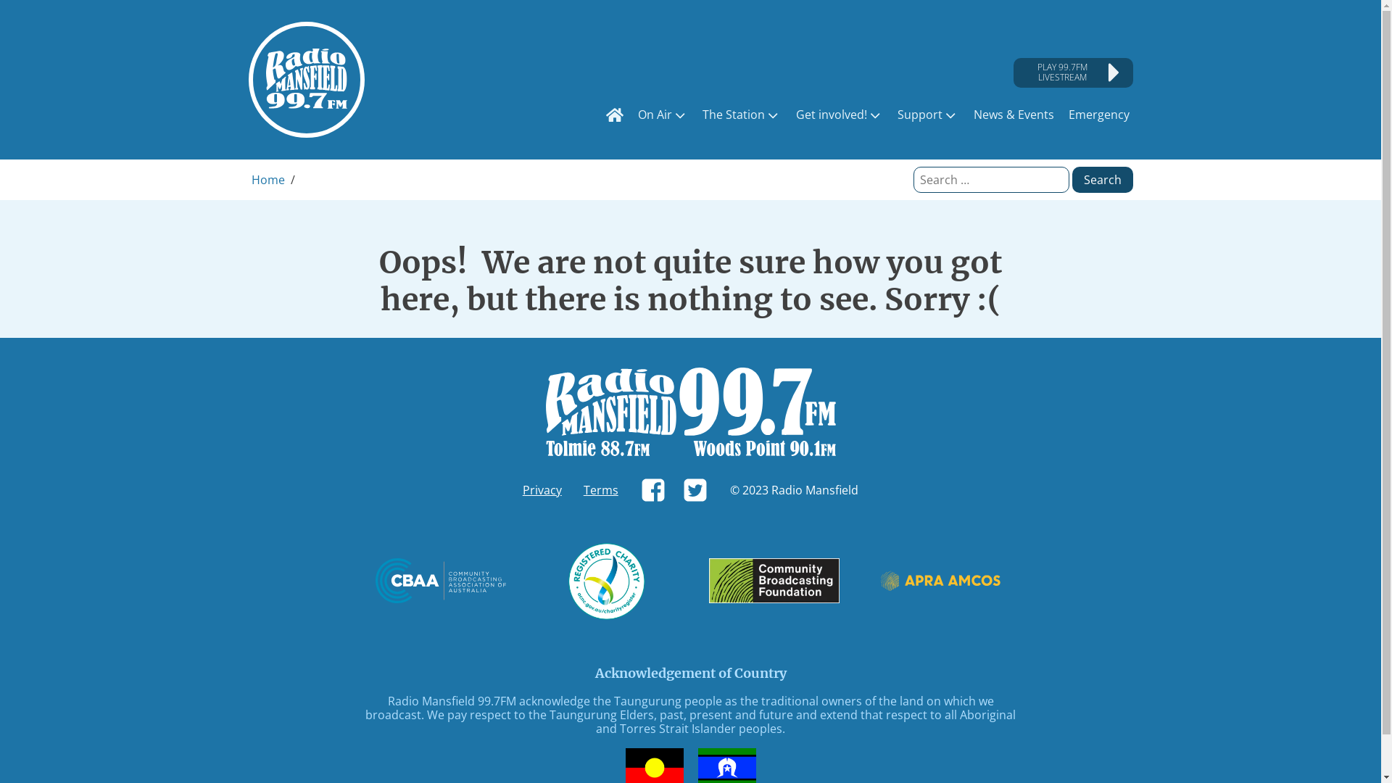 The image size is (1392, 783). I want to click on 'Terms', so click(601, 489).